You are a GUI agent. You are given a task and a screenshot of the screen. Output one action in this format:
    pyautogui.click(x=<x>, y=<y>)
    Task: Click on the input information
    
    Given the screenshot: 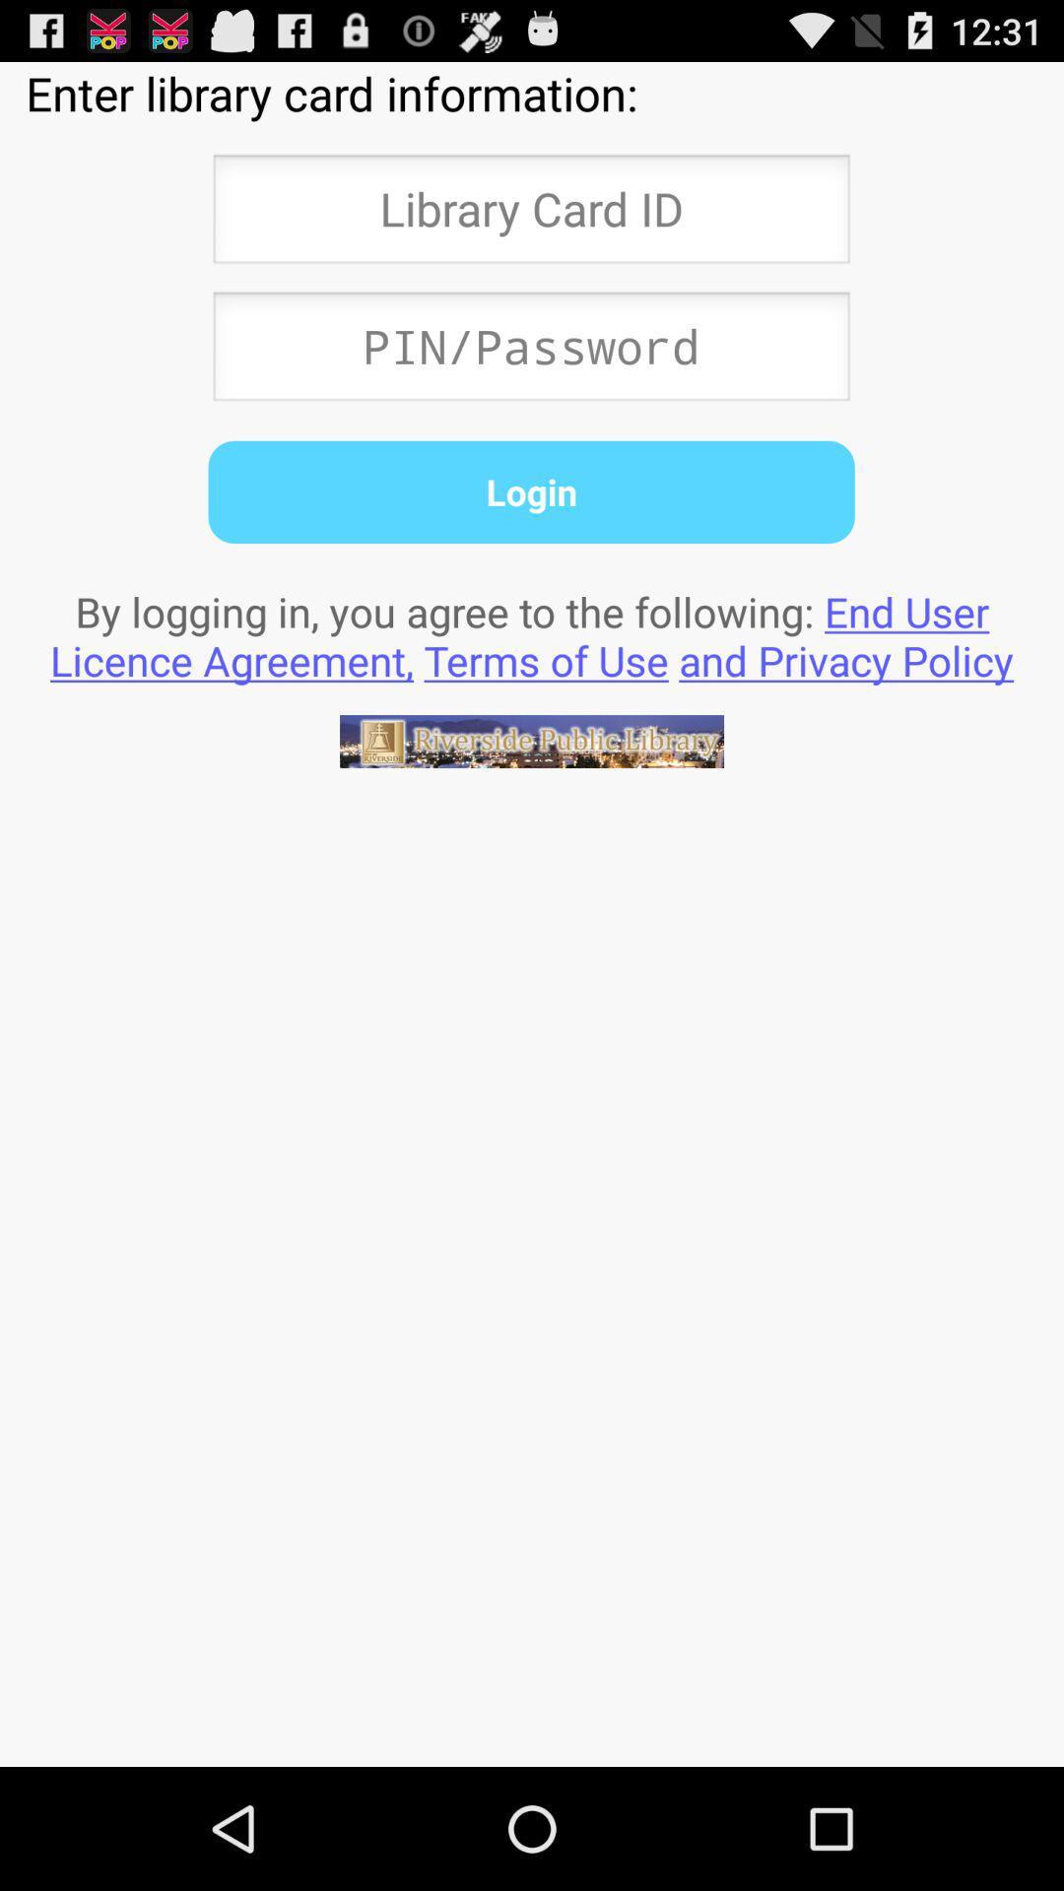 What is the action you would take?
    pyautogui.click(x=530, y=352)
    